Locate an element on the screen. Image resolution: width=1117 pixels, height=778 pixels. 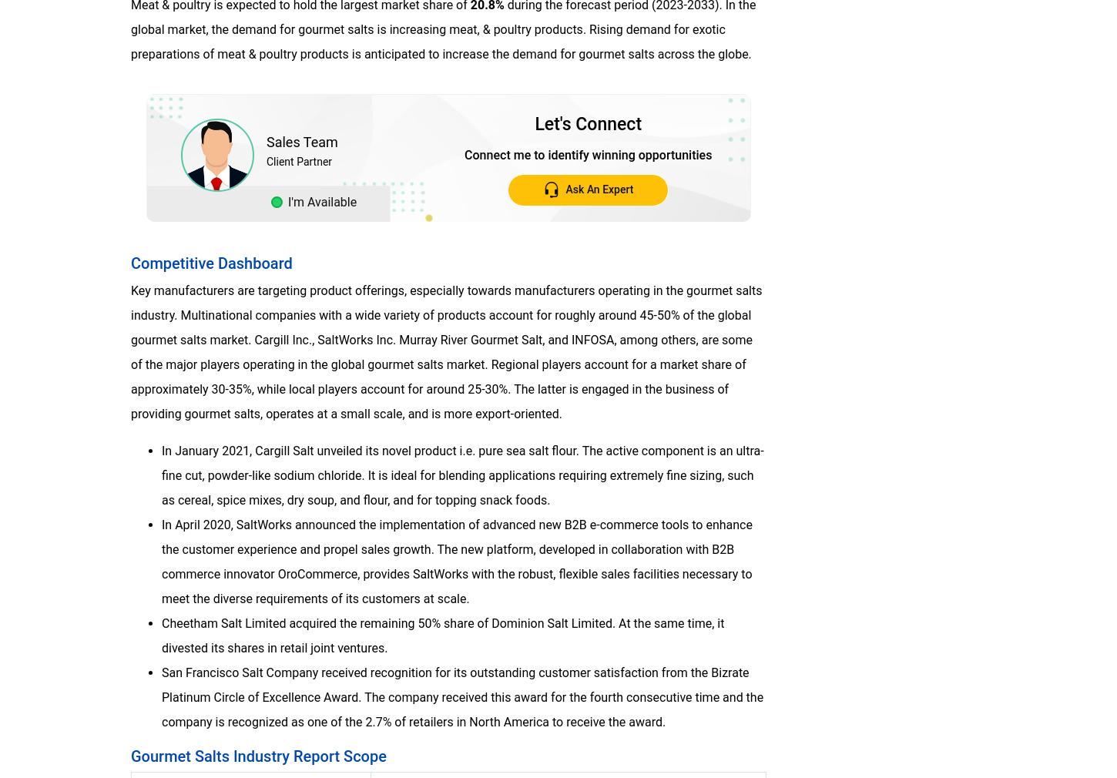
'Gourmet Salts Industry Report Scope' is located at coordinates (258, 756).